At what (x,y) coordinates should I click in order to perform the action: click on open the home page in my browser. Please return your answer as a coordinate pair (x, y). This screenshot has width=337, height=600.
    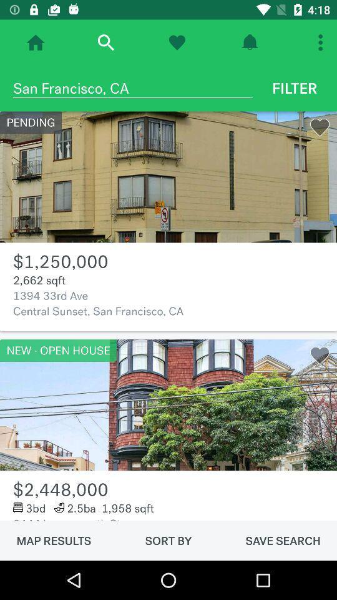
    Looking at the image, I should click on (36, 42).